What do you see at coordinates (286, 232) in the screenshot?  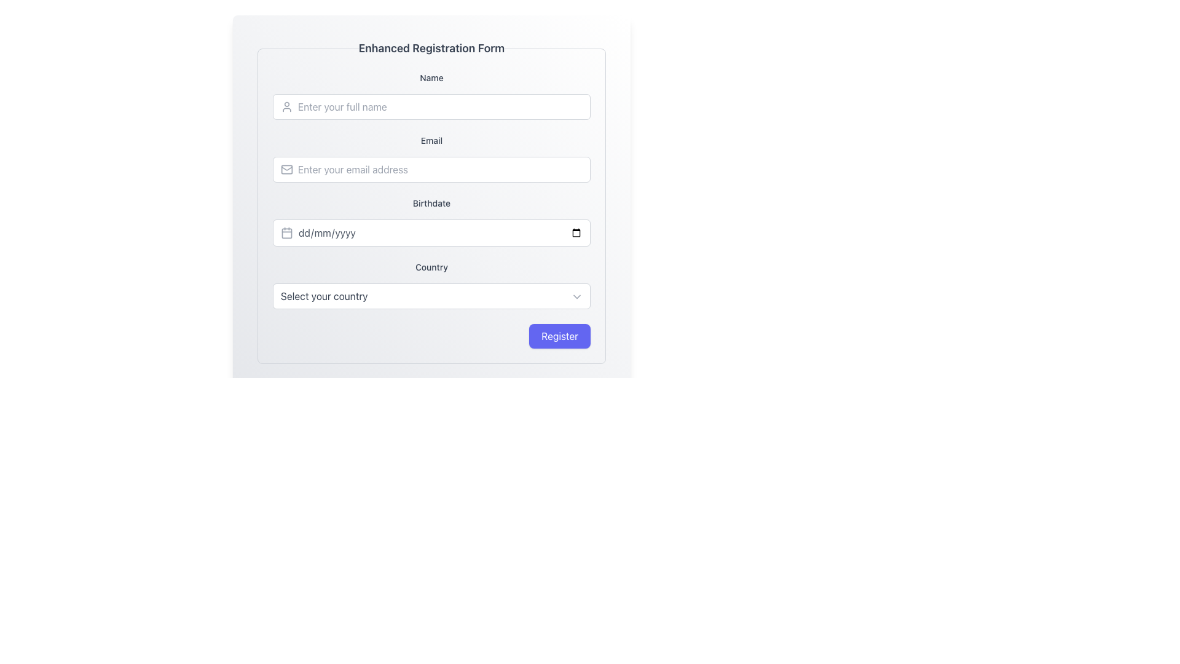 I see `the filled rectangular calendar icon located to the left of the 'Birthdate' input field` at bounding box center [286, 232].